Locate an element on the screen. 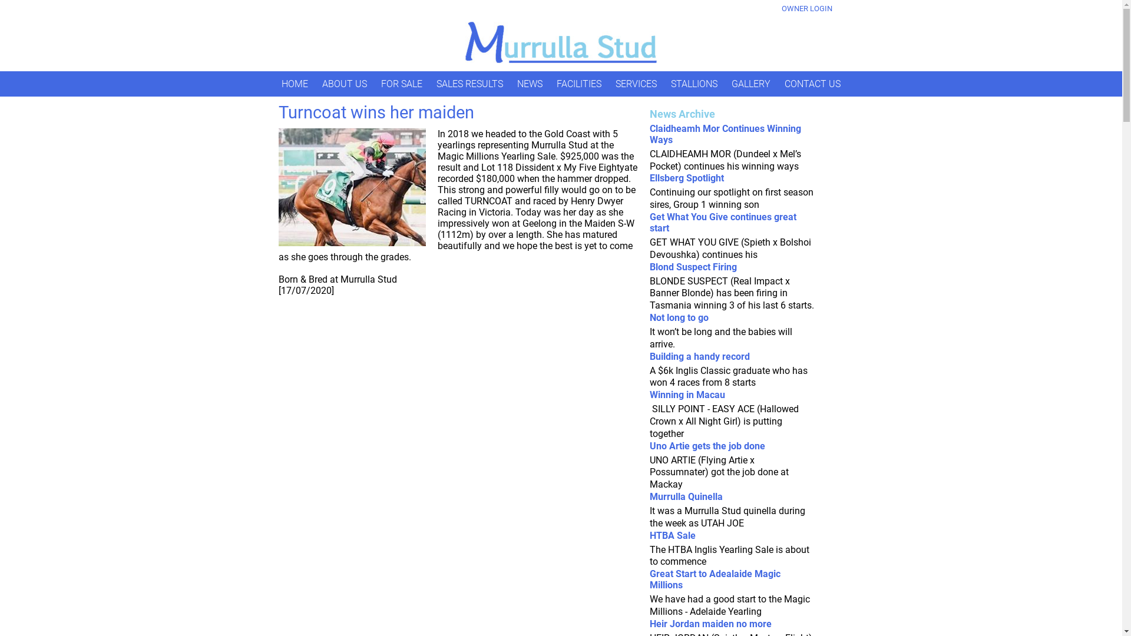 The image size is (1131, 636). 'FOR SALE' is located at coordinates (404, 83).